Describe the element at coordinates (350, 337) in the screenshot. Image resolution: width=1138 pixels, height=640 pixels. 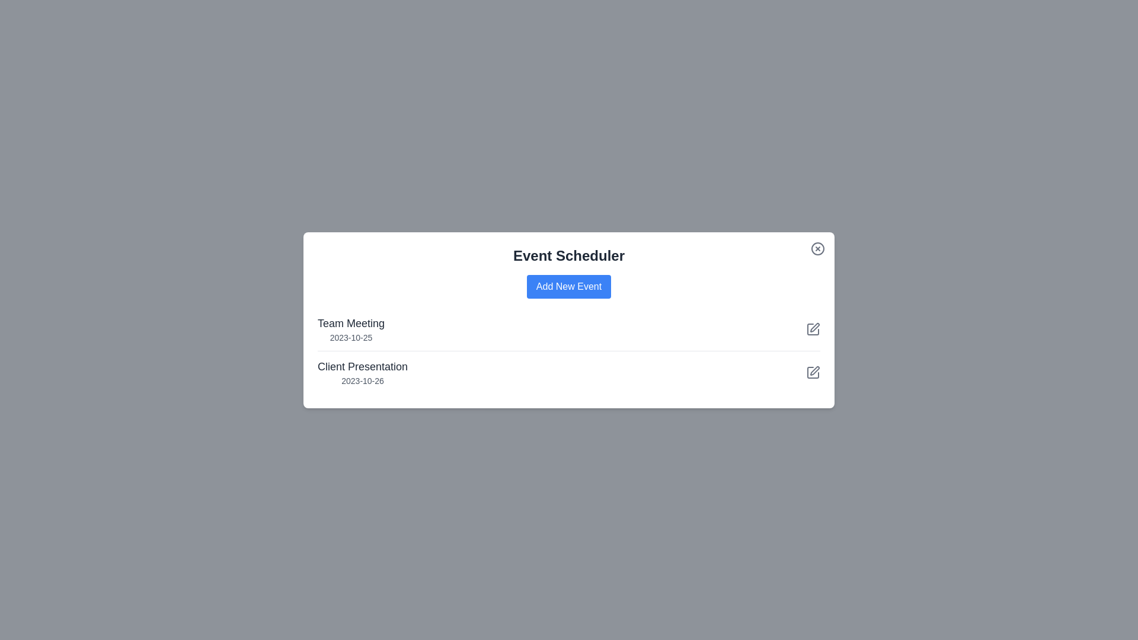
I see `the static text label that displays the date associated with the 'Team Meeting', positioned below the event heading` at that location.